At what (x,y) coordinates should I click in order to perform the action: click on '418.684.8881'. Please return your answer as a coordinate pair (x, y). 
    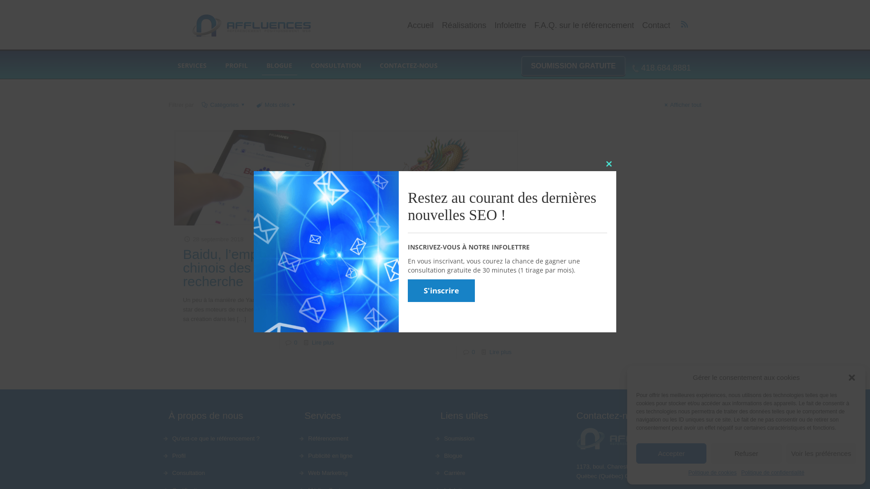
    Looking at the image, I should click on (662, 67).